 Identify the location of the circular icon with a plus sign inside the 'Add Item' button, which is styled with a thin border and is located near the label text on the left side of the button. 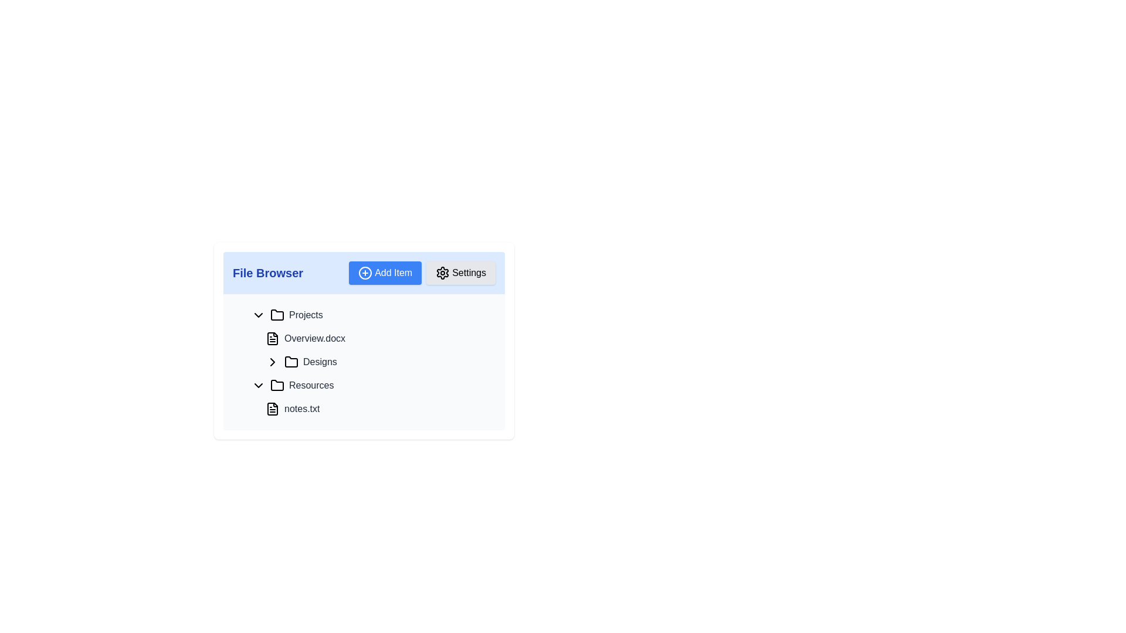
(365, 273).